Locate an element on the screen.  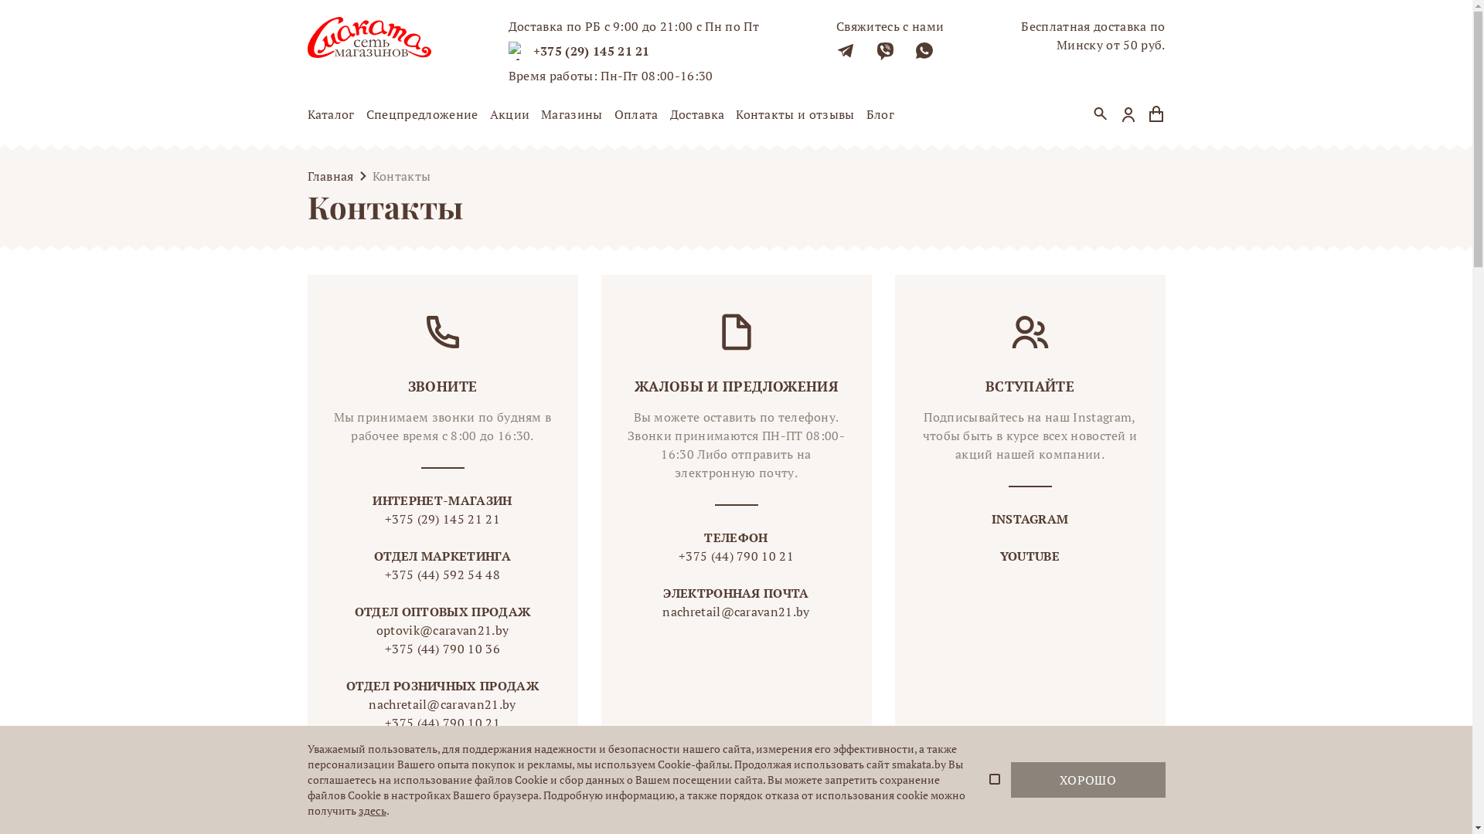
'INSTAGRAM' is located at coordinates (1030, 518).